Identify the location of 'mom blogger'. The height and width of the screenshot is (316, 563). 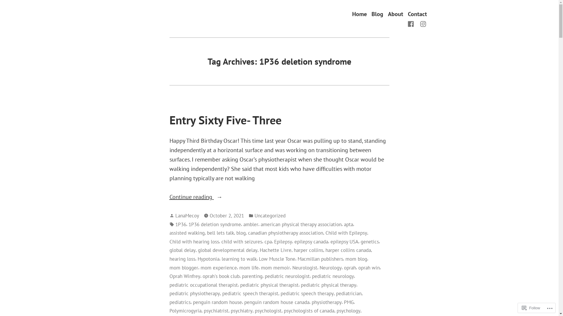
(169, 267).